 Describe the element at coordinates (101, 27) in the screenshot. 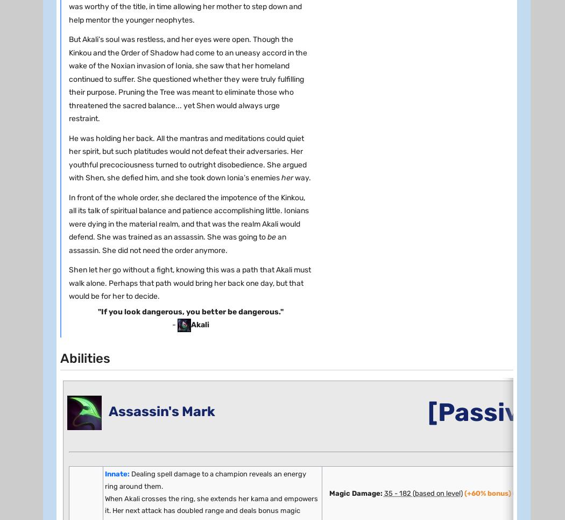

I see `'BASE HEALTH :'` at that location.